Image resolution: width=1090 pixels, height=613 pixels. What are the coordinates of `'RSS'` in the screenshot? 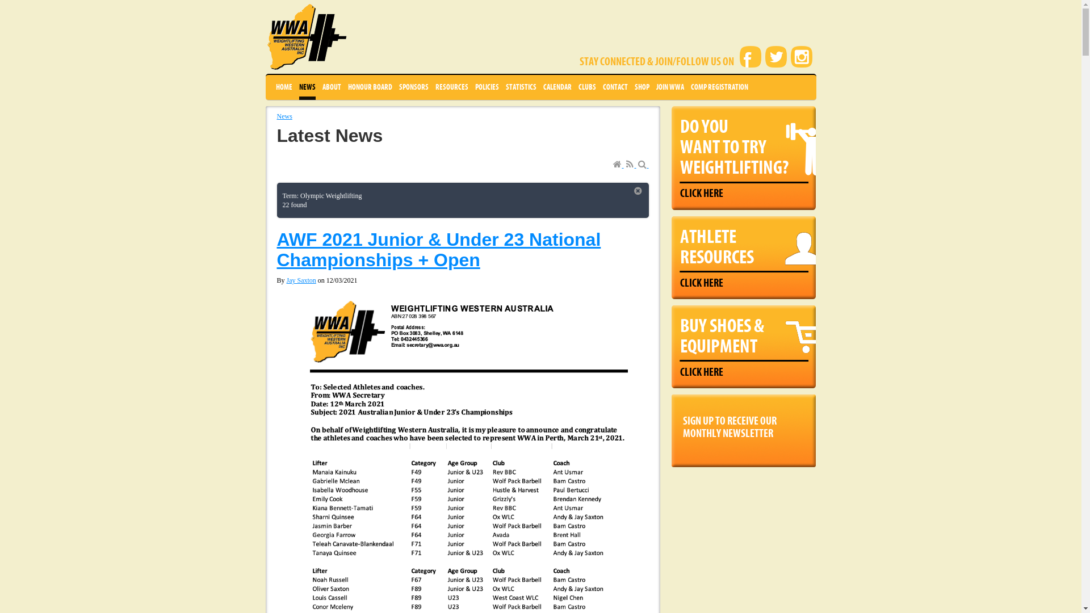 It's located at (630, 165).